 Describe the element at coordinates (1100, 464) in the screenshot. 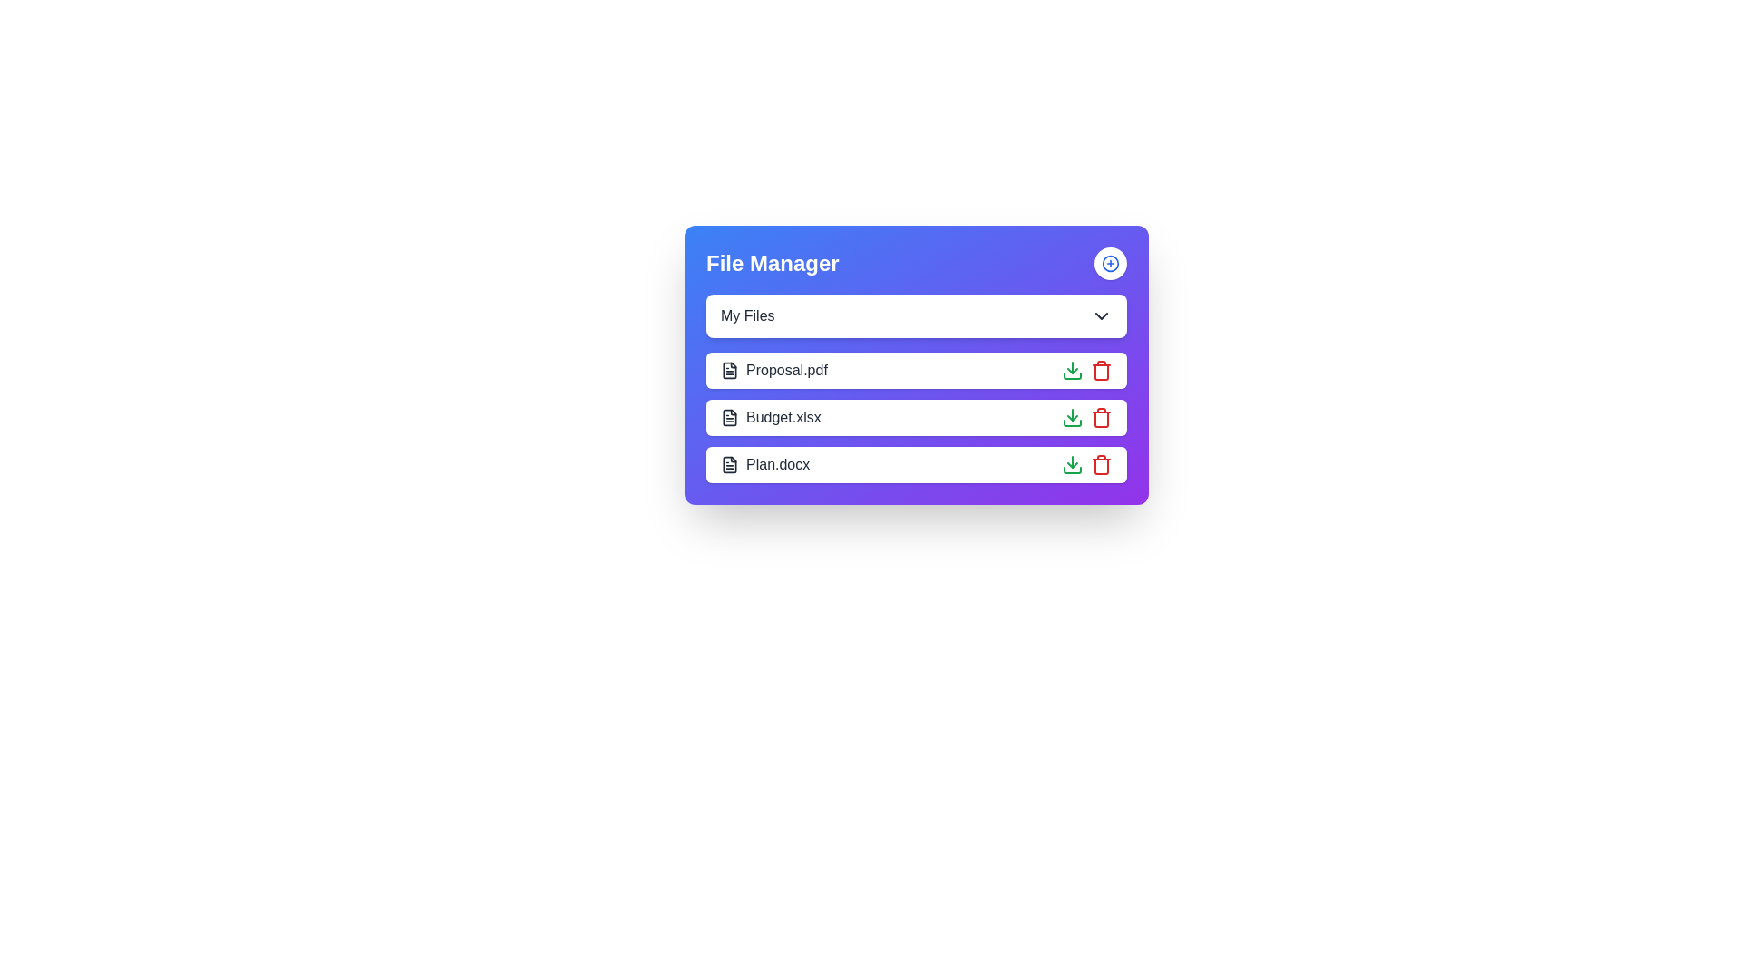

I see `the delete icon button located to the right of the green download icon in the file manager interface associated with 'Plan.docx'` at that location.